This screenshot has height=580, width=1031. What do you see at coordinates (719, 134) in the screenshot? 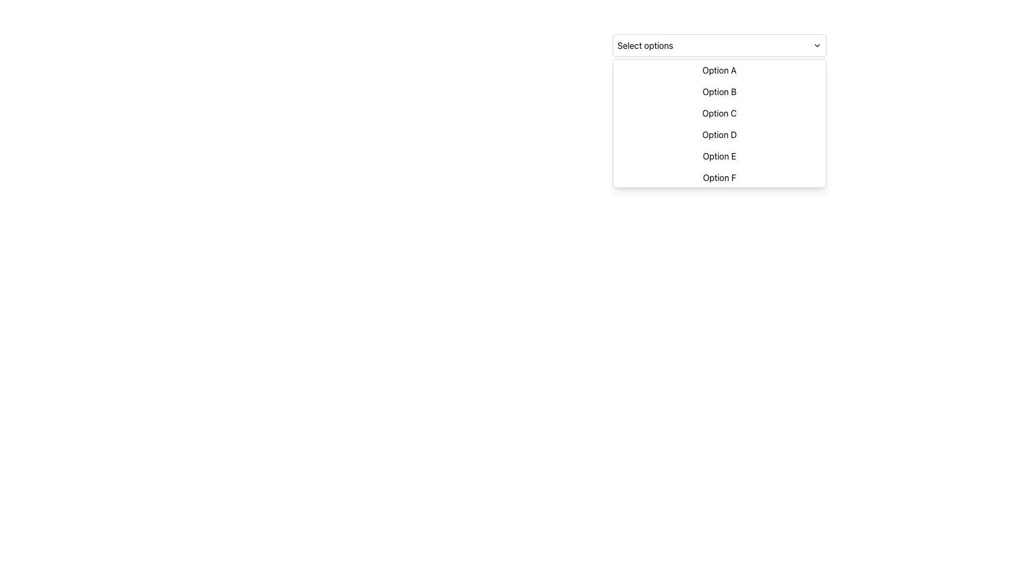
I see `to select the fourth item in the dropdown menu, which represents an option users can select from a list of options ranging from 'Option A' to 'Option Z'` at bounding box center [719, 134].